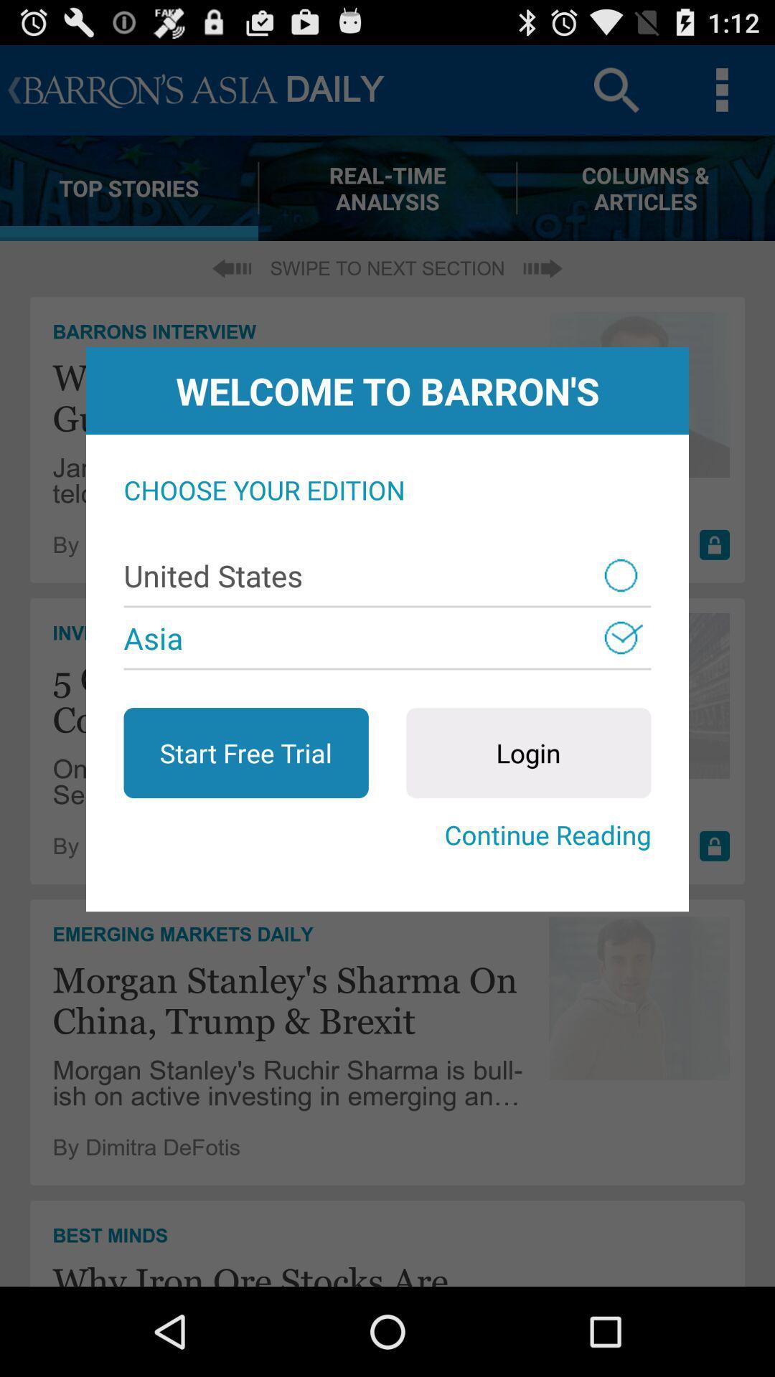  What do you see at coordinates (387, 637) in the screenshot?
I see `the asia item` at bounding box center [387, 637].